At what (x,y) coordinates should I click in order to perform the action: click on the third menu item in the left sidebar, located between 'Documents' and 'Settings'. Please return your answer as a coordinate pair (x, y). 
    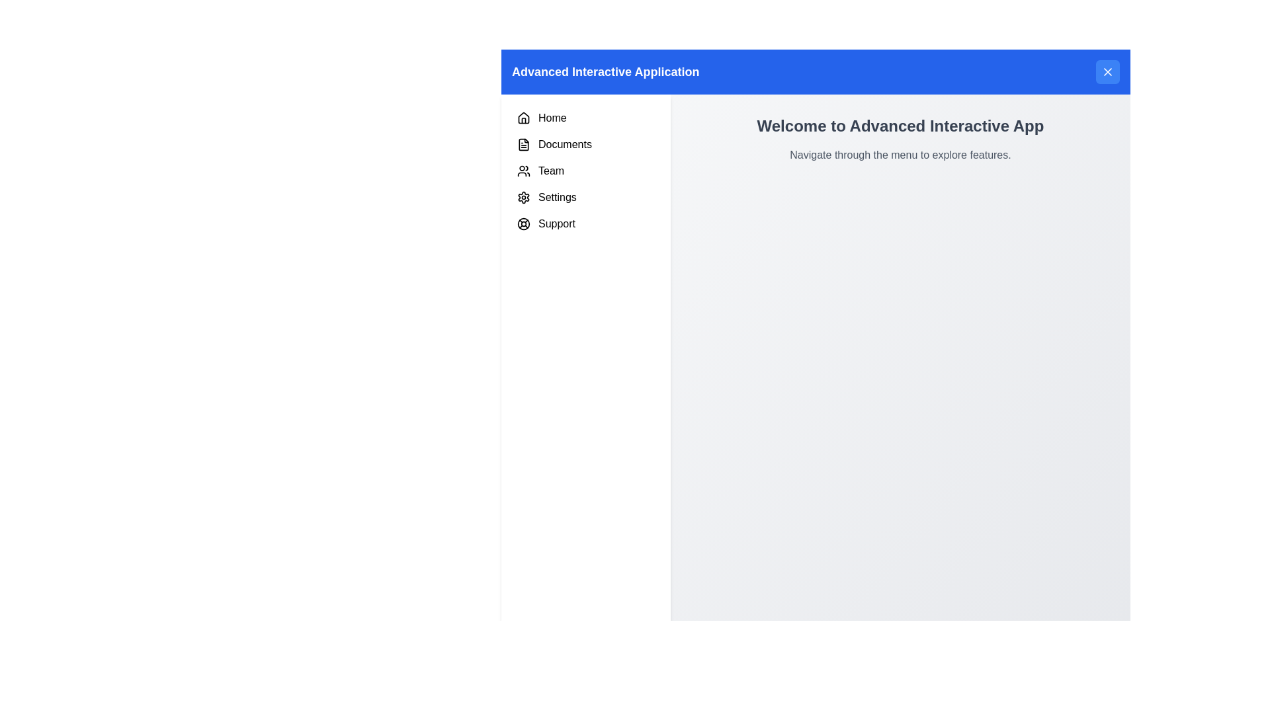
    Looking at the image, I should click on (585, 170).